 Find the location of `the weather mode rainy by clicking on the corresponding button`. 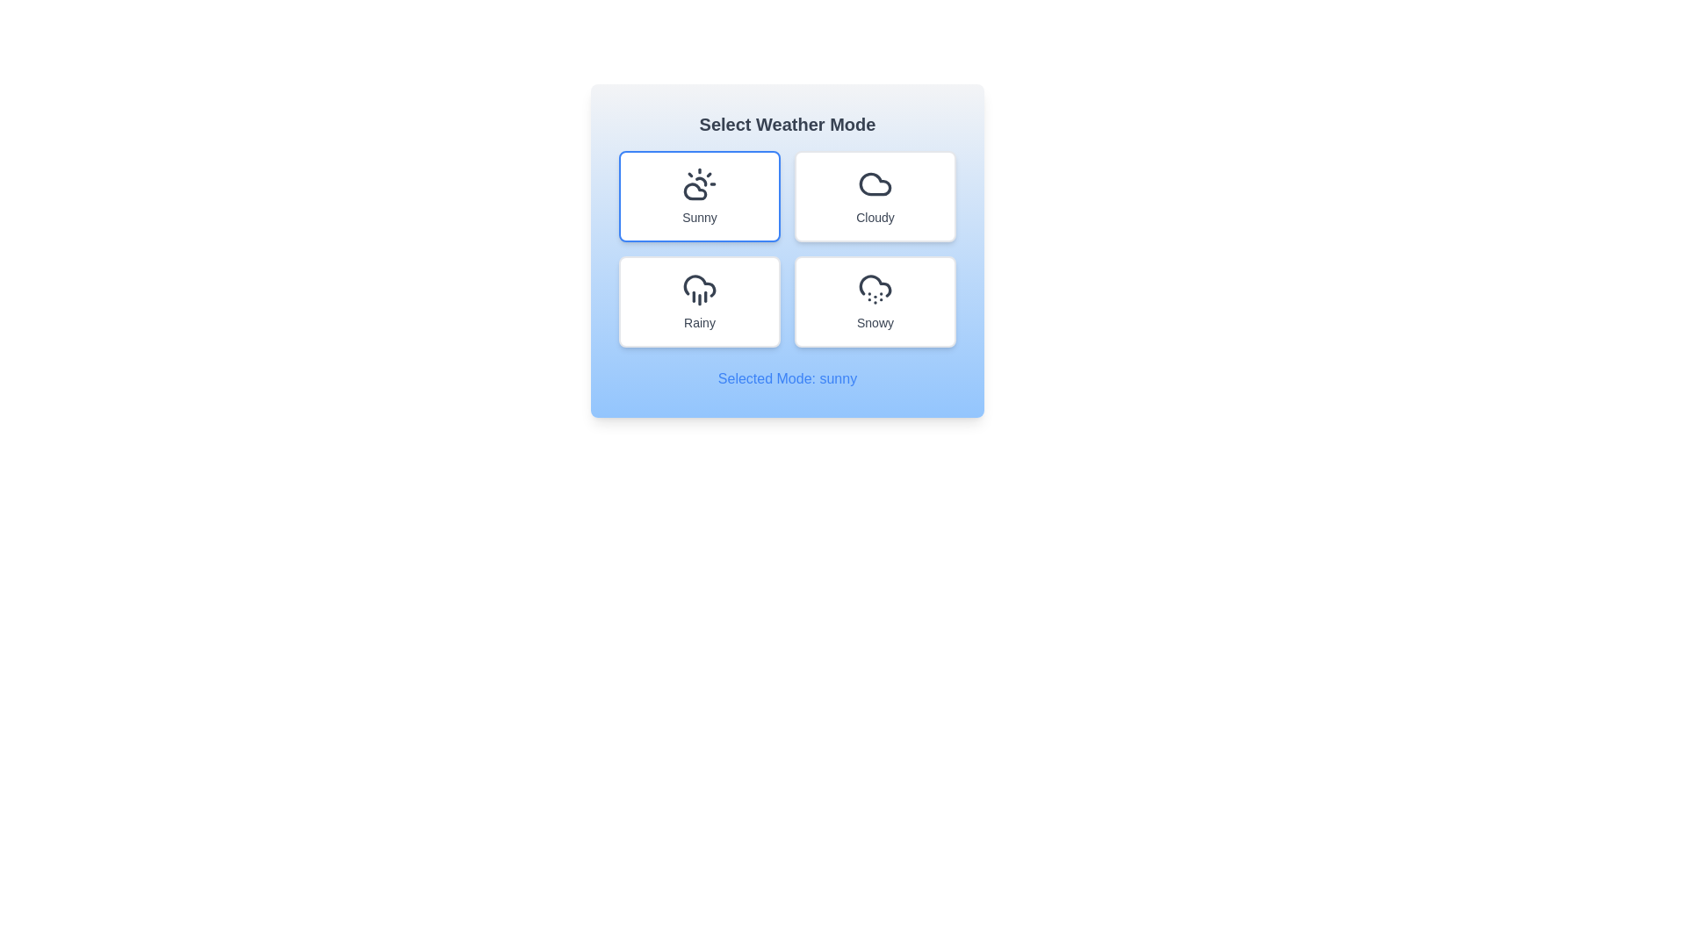

the weather mode rainy by clicking on the corresponding button is located at coordinates (698, 300).